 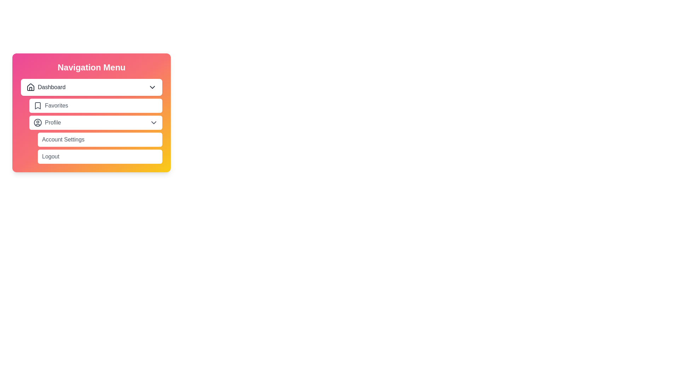 What do you see at coordinates (153, 122) in the screenshot?
I see `the chevron icon located at the far right of the 'Profile' menu item in the navigation menu` at bounding box center [153, 122].